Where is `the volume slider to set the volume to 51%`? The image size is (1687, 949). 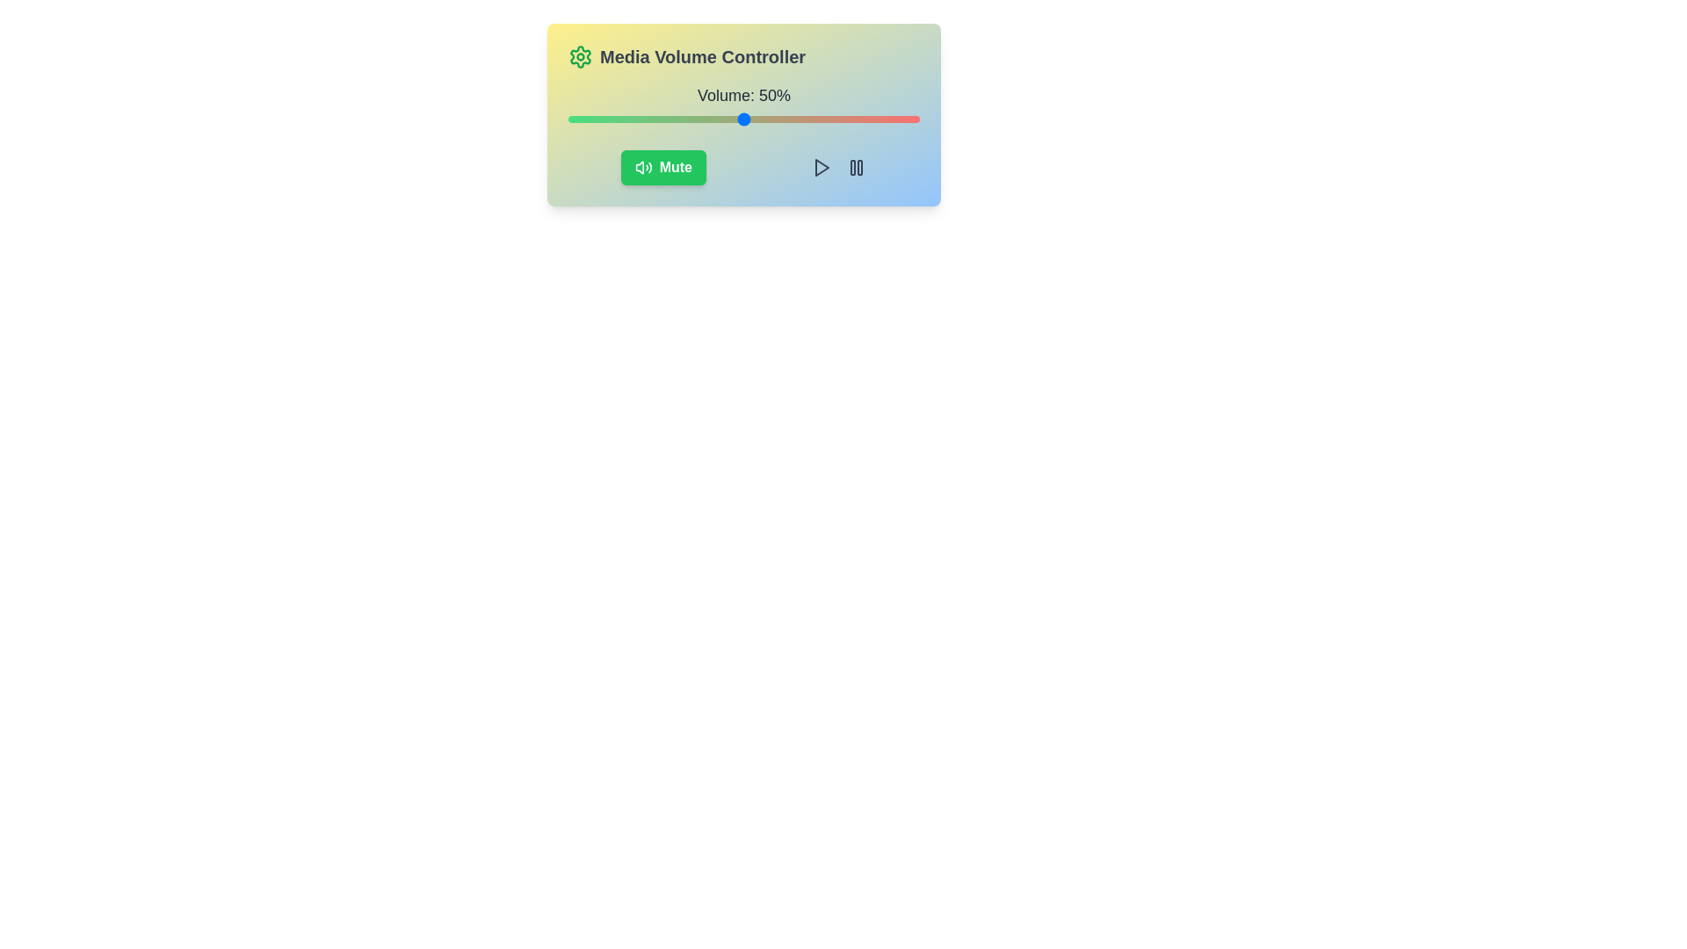 the volume slider to set the volume to 51% is located at coordinates (747, 119).